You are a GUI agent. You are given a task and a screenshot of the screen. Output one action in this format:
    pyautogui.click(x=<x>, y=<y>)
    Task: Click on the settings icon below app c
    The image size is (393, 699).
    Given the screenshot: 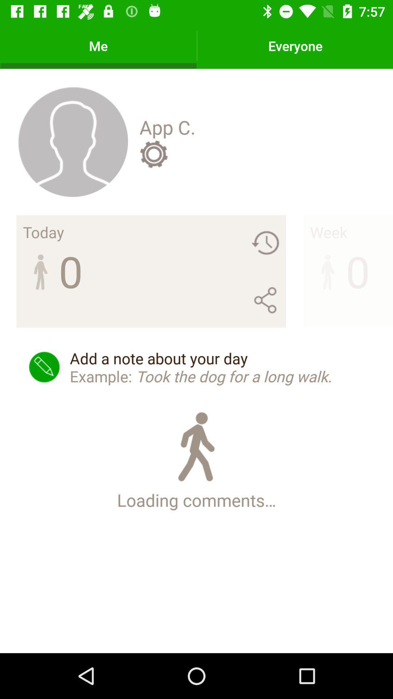 What is the action you would take?
    pyautogui.click(x=153, y=154)
    